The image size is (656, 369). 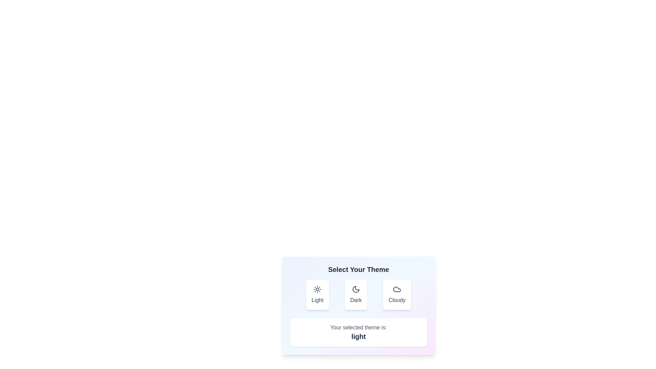 What do you see at coordinates (317, 289) in the screenshot?
I see `the circular, sun-shaped icon styled in line-art, colored medium-gray, which represents the 'Light' theme option in the theme selection card` at bounding box center [317, 289].